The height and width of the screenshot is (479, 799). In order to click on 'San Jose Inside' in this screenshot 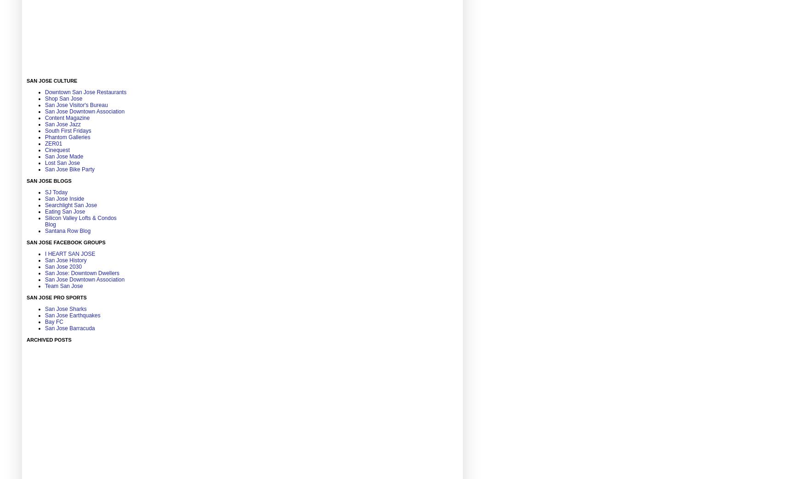, I will do `click(64, 198)`.